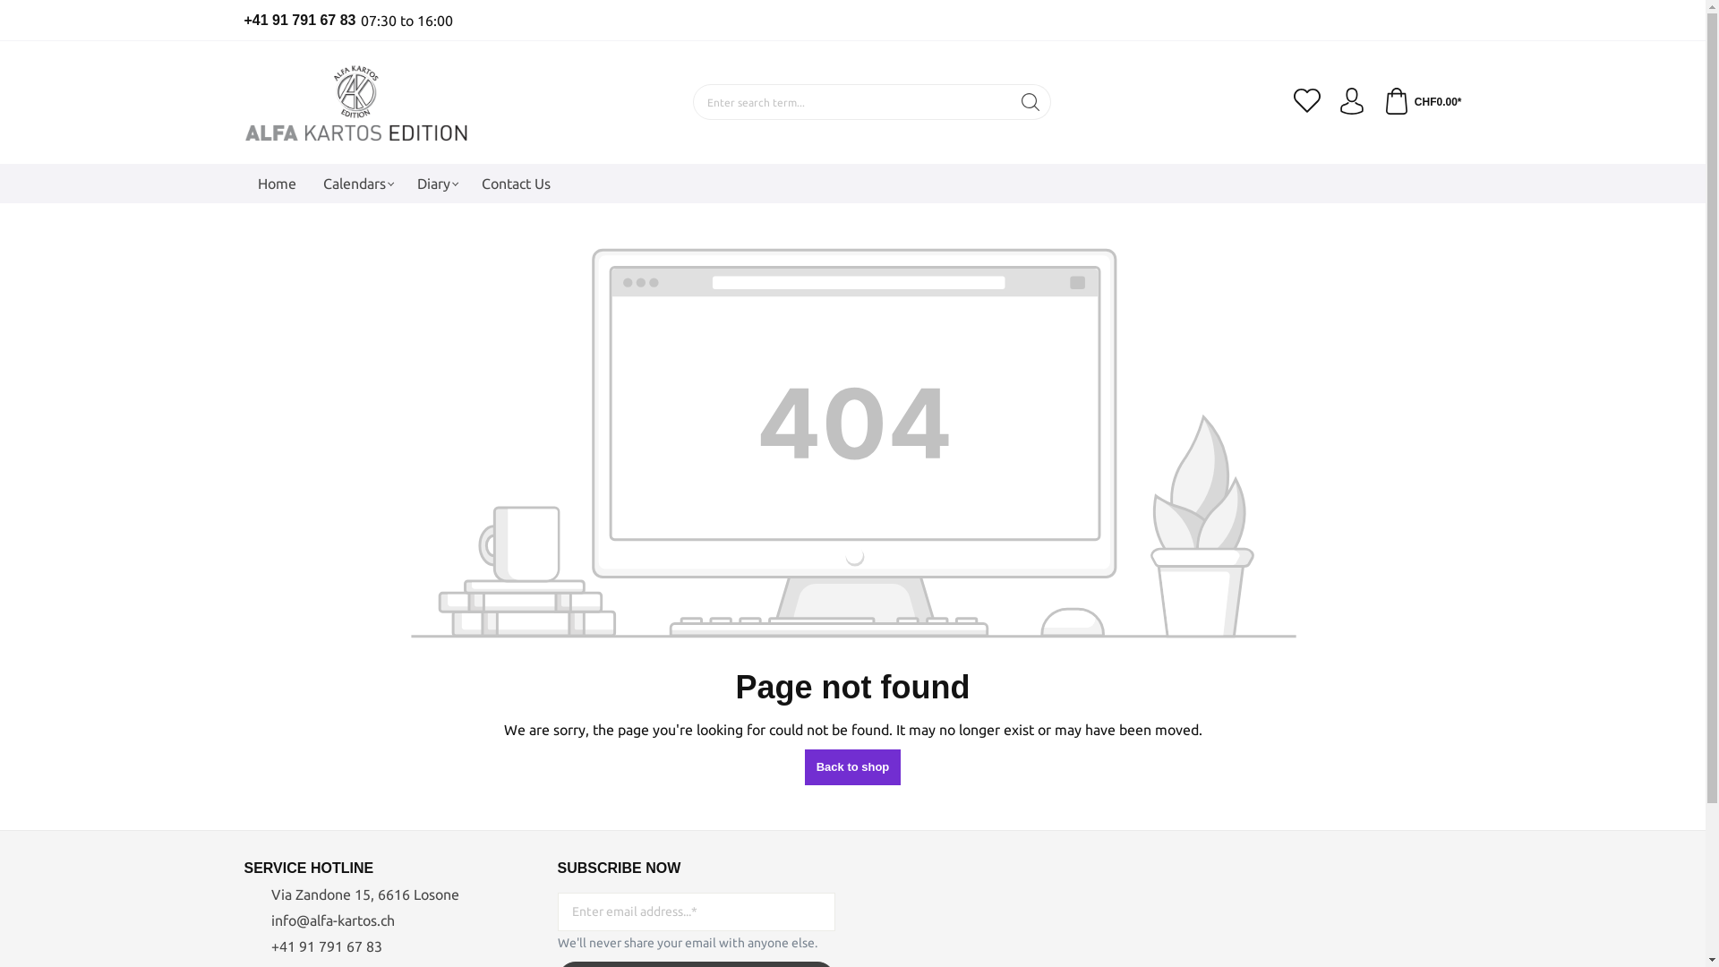  Describe the element at coordinates (275, 183) in the screenshot. I see `'Home'` at that location.